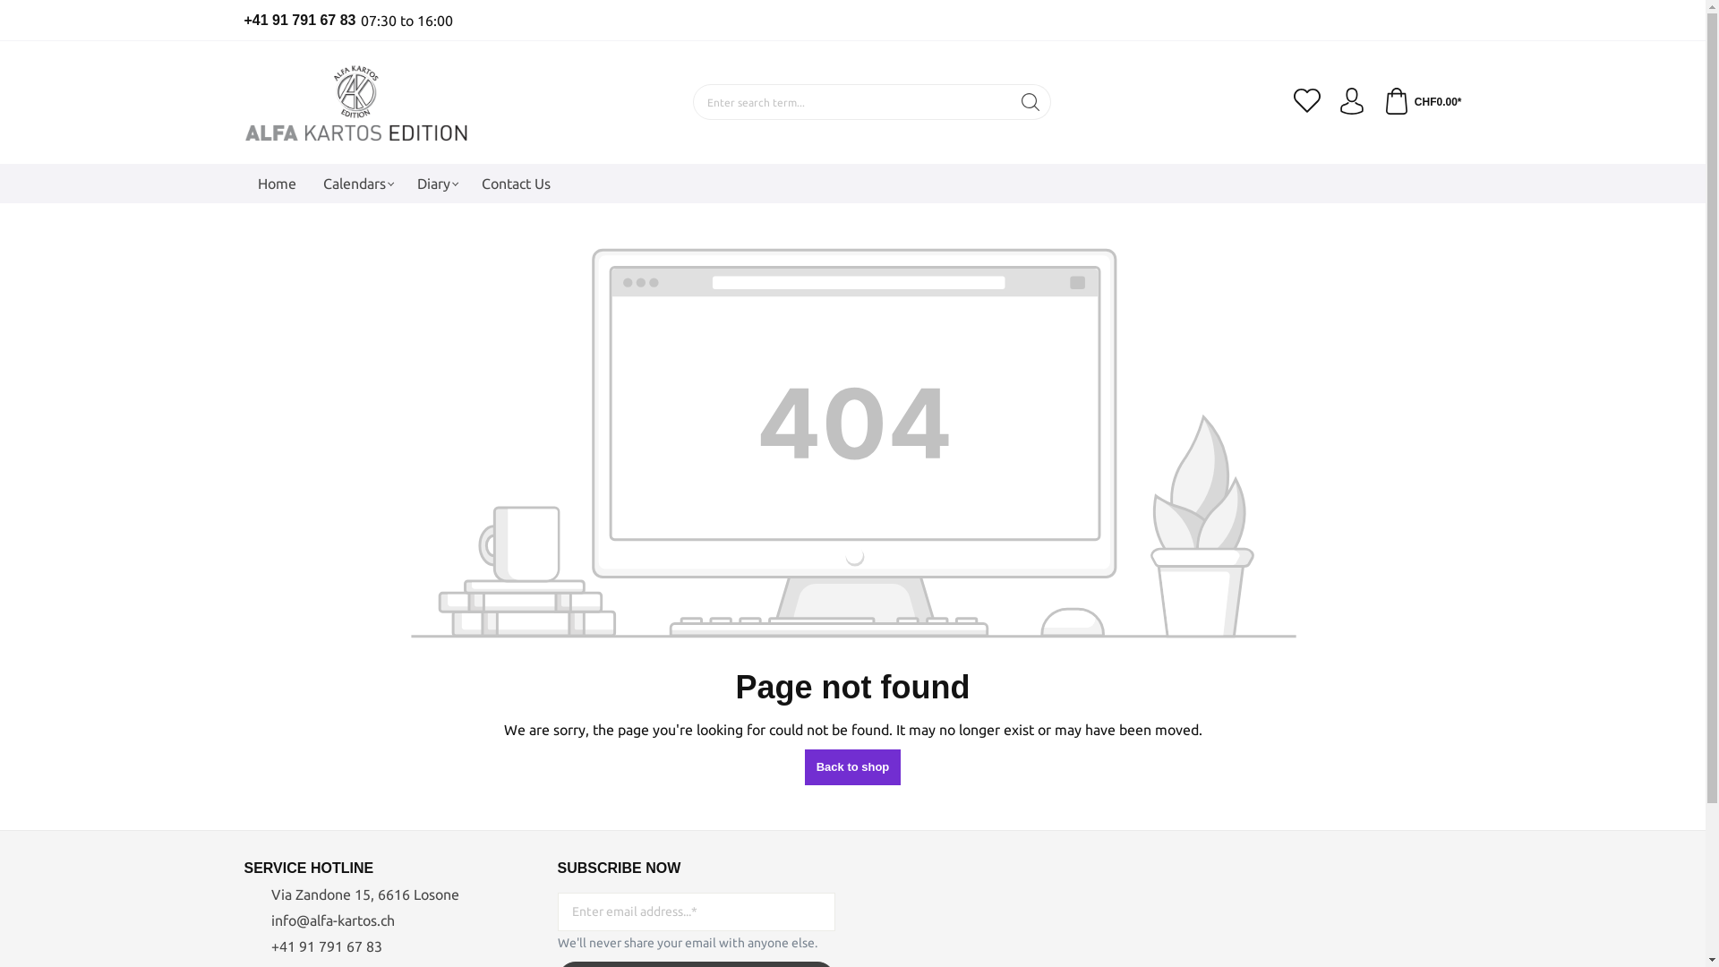  Describe the element at coordinates (275, 183) in the screenshot. I see `'Home'` at that location.